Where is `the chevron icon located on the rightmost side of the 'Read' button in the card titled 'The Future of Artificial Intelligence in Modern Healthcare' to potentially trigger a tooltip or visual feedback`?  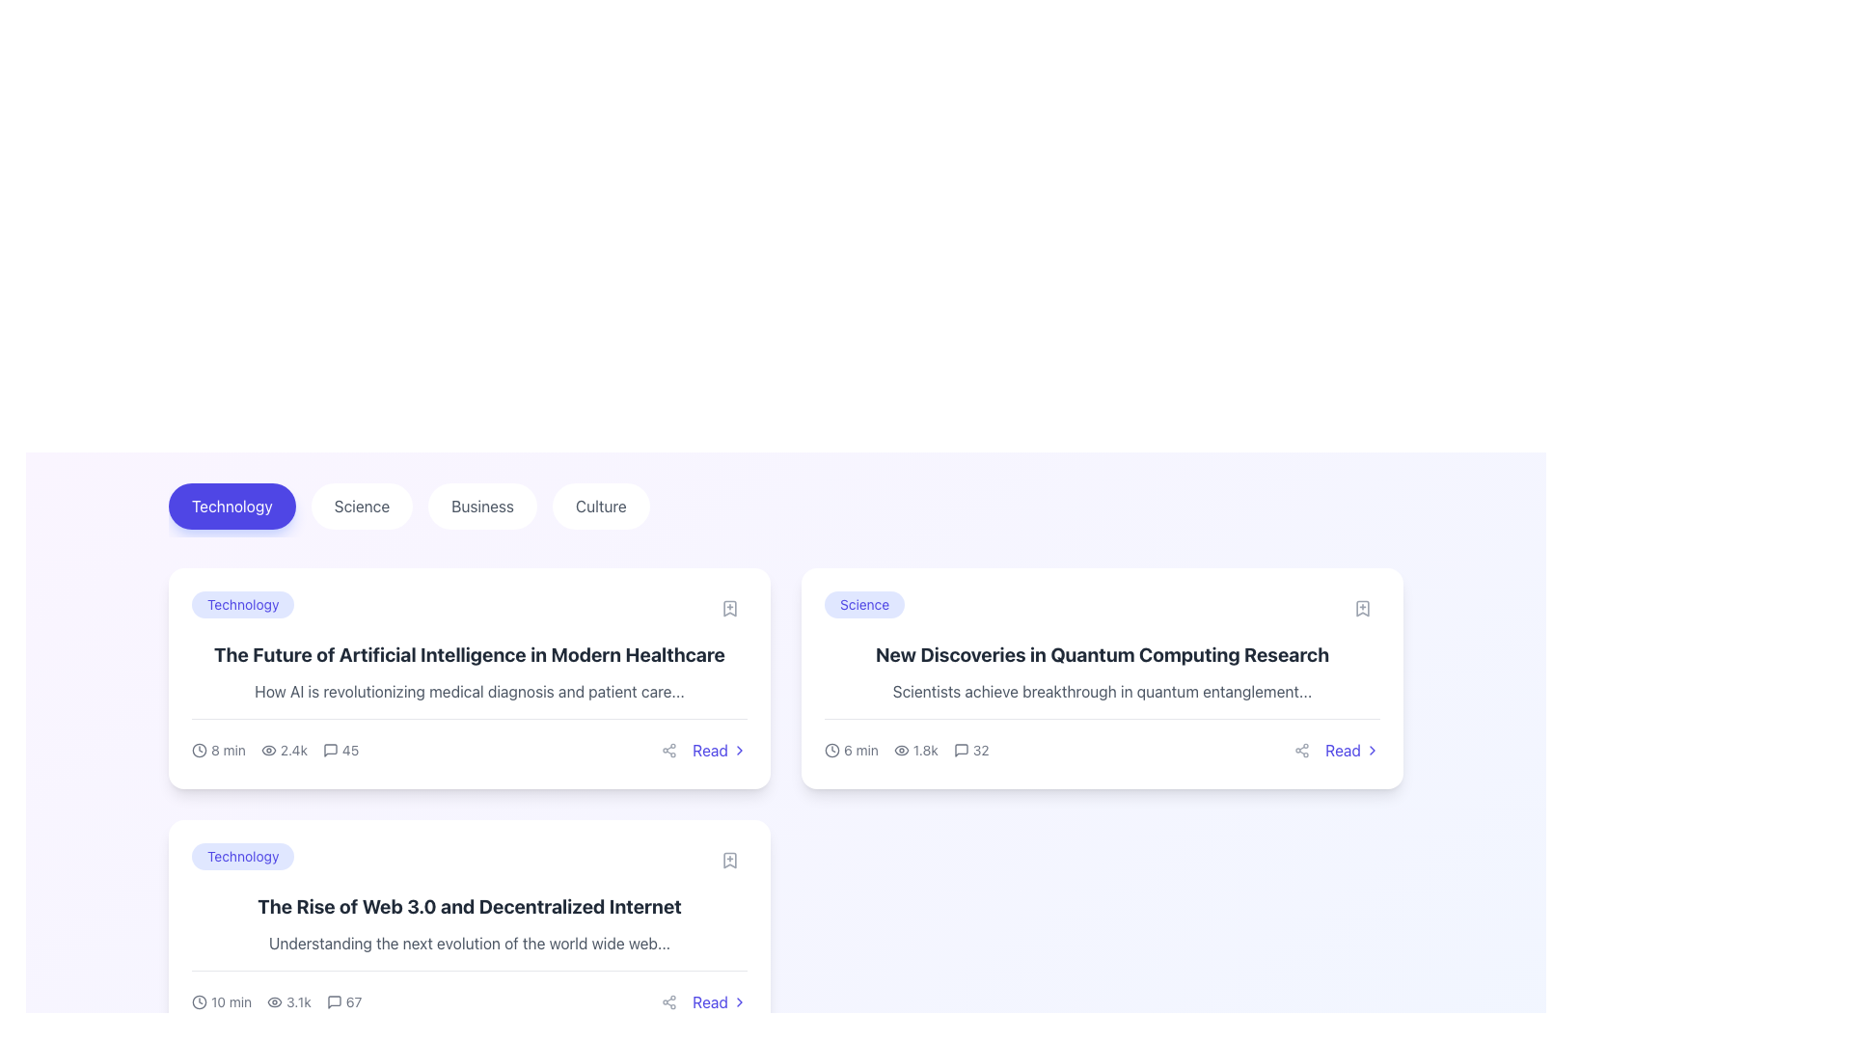
the chevron icon located on the rightmost side of the 'Read' button in the card titled 'The Future of Artificial Intelligence in Modern Healthcare' to potentially trigger a tooltip or visual feedback is located at coordinates (739, 750).